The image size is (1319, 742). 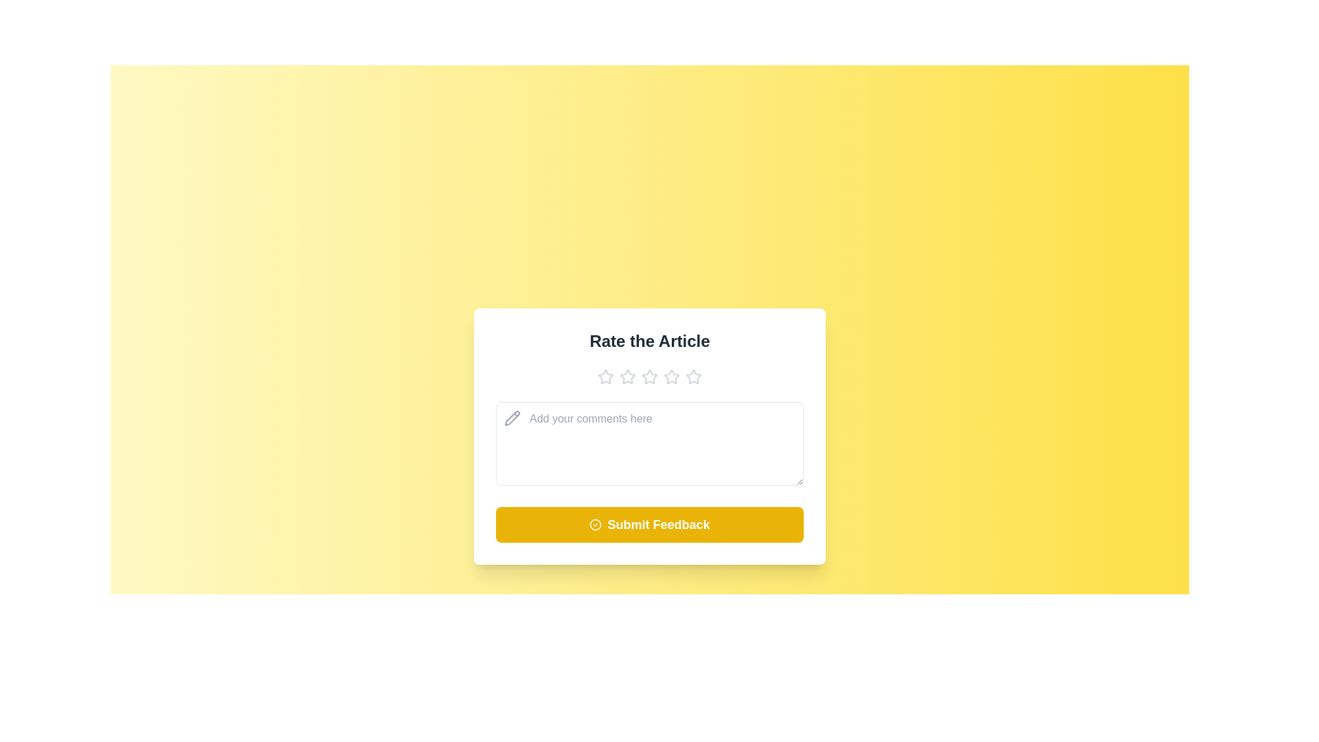 What do you see at coordinates (605, 376) in the screenshot?
I see `the first star-shaped rating icon, which is outlined in a darker gray stroke and filled with a light gray color` at bounding box center [605, 376].